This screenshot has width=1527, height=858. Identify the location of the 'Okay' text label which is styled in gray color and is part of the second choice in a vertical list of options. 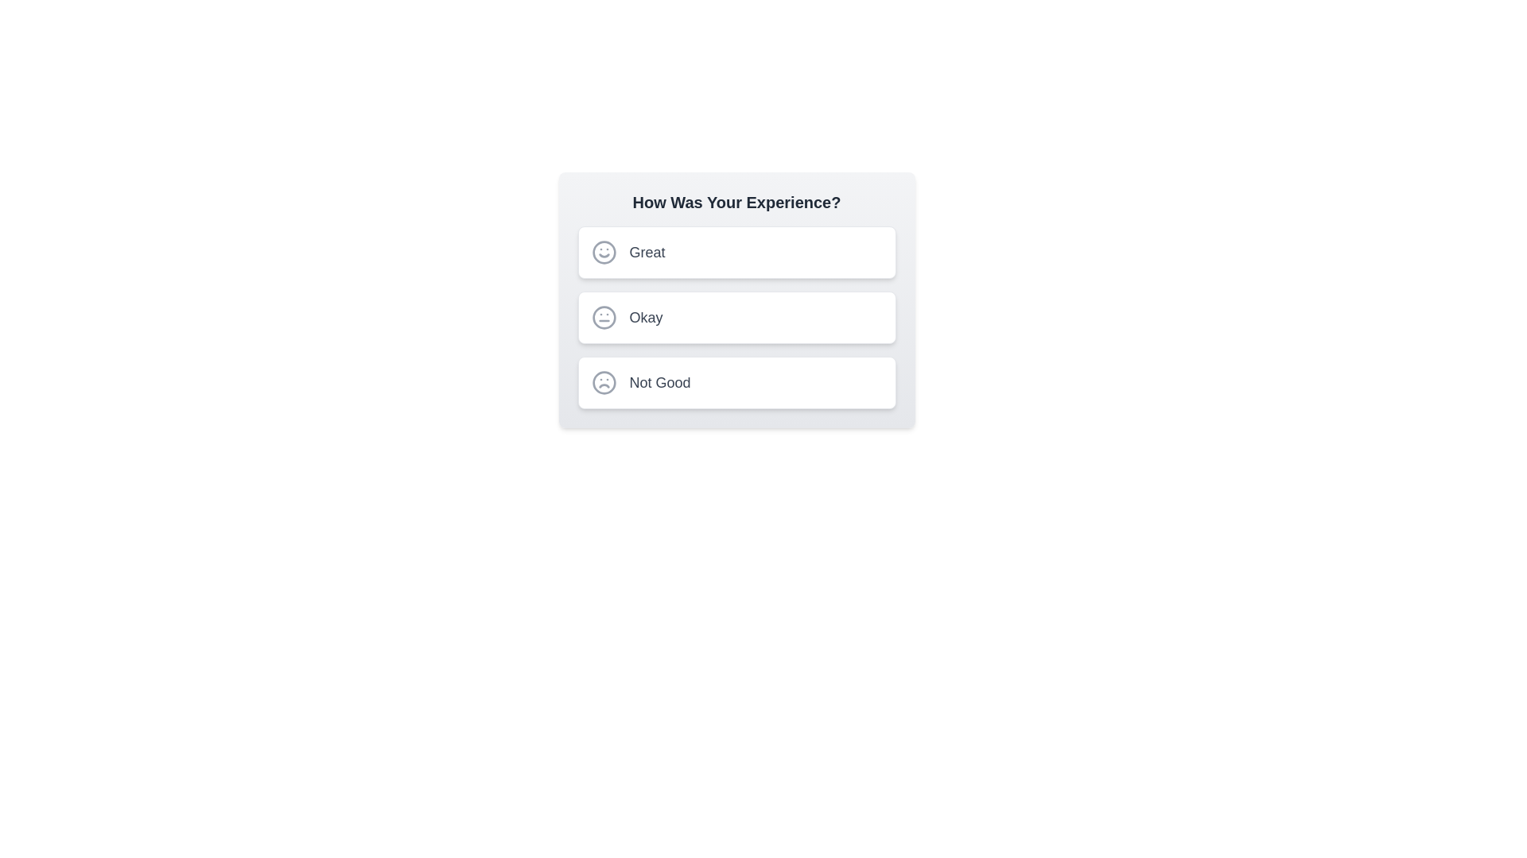
(646, 318).